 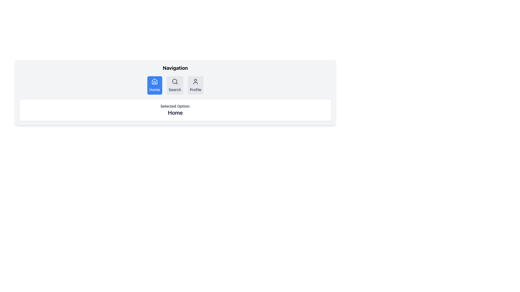 I want to click on the navigational button located at the rightmost part of the horizontal navigation bar, so click(x=195, y=85).